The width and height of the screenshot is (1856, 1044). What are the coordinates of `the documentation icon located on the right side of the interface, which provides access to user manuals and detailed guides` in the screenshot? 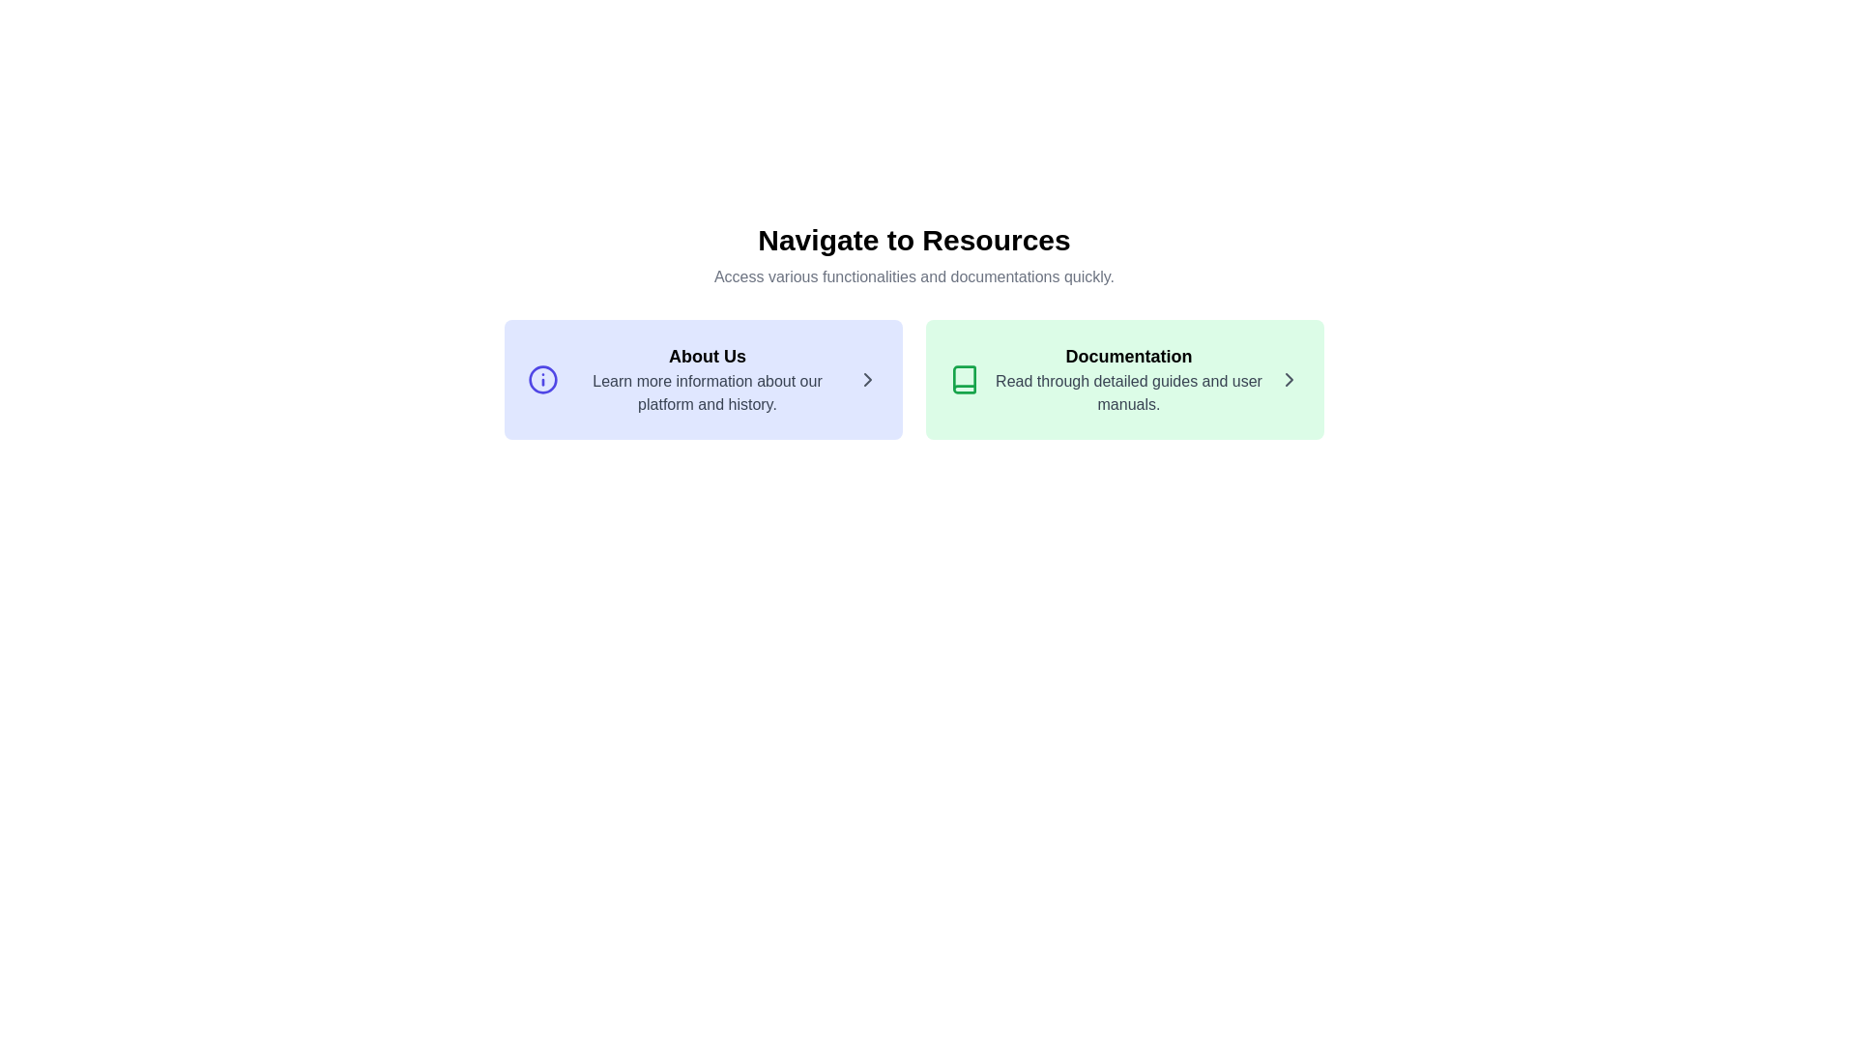 It's located at (965, 380).